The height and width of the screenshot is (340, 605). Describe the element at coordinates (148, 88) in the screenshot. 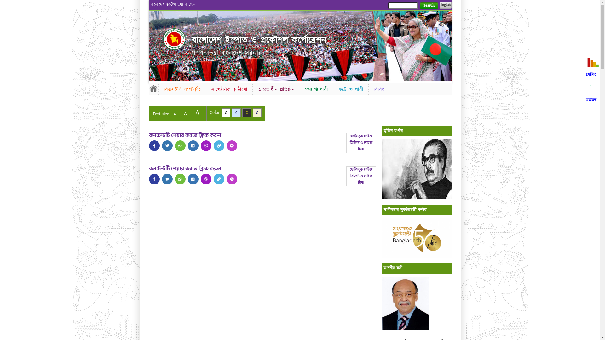

I see `'Home'` at that location.